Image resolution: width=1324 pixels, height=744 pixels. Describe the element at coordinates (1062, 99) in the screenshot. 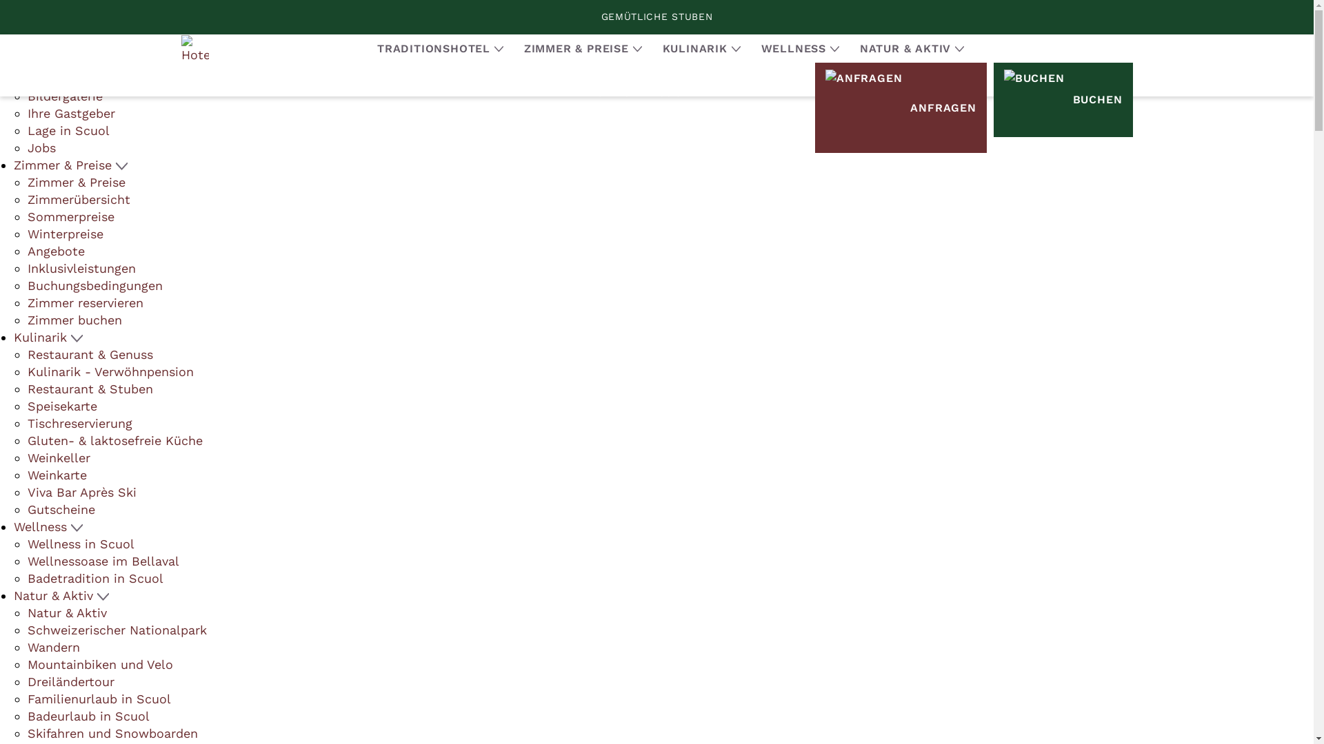

I see `'BUCHEN'` at that location.